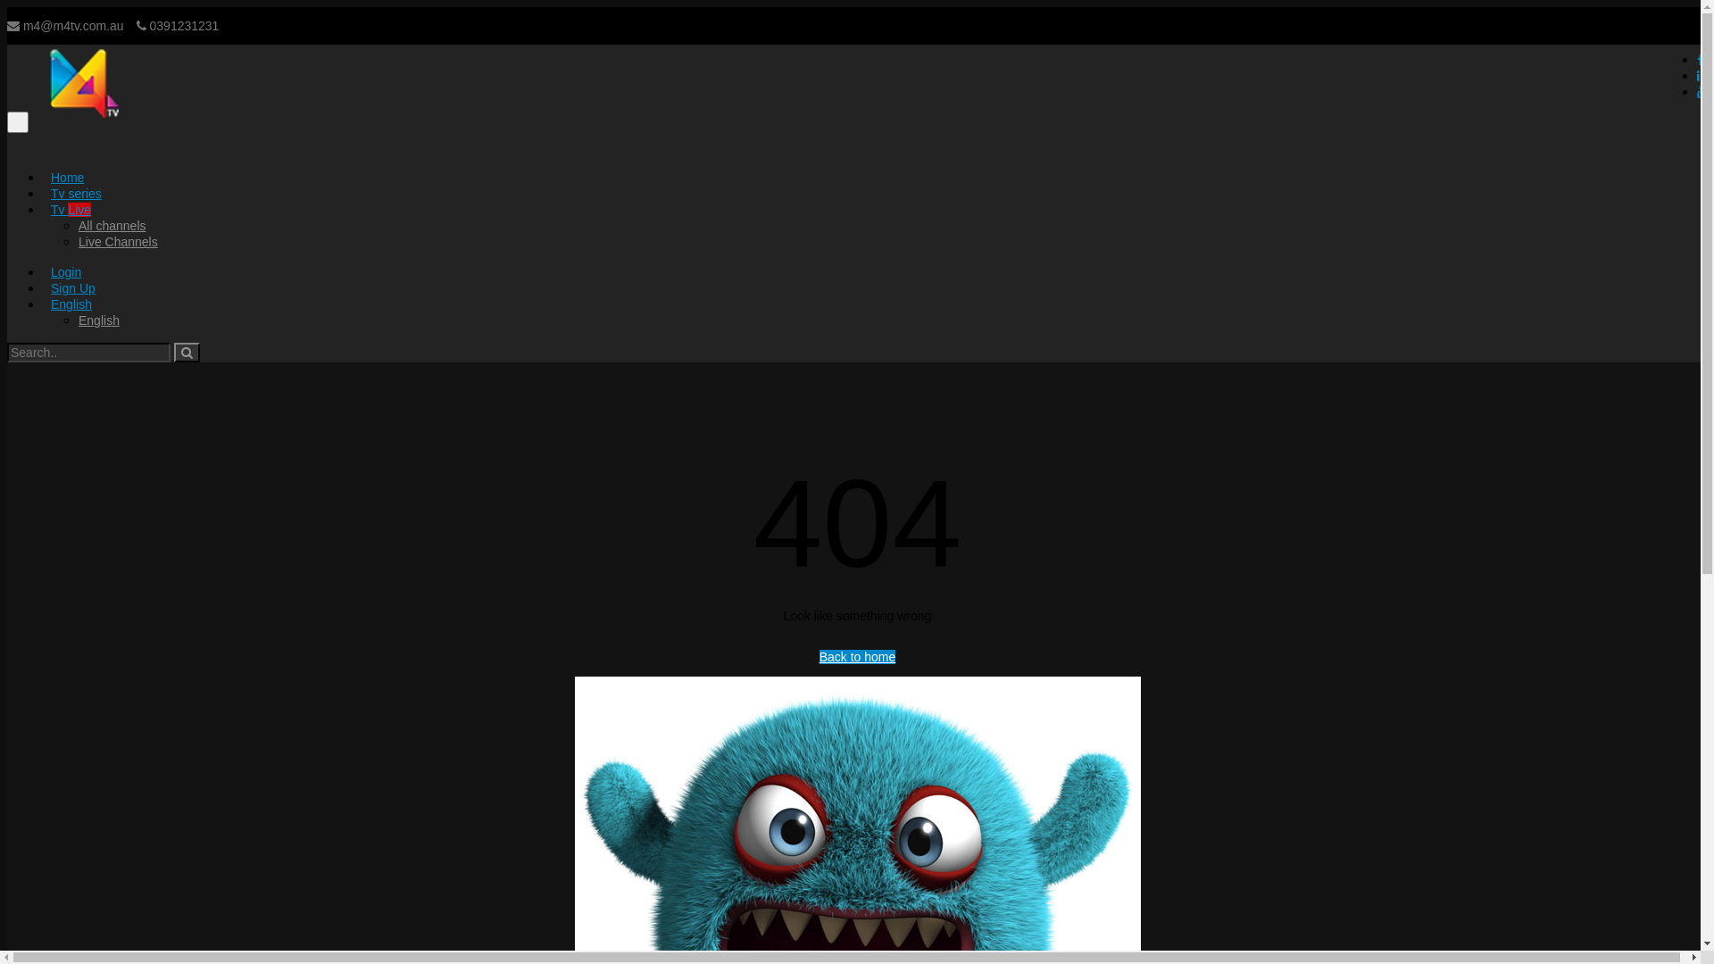 The height and width of the screenshot is (964, 1714). I want to click on 'Login', so click(65, 271).